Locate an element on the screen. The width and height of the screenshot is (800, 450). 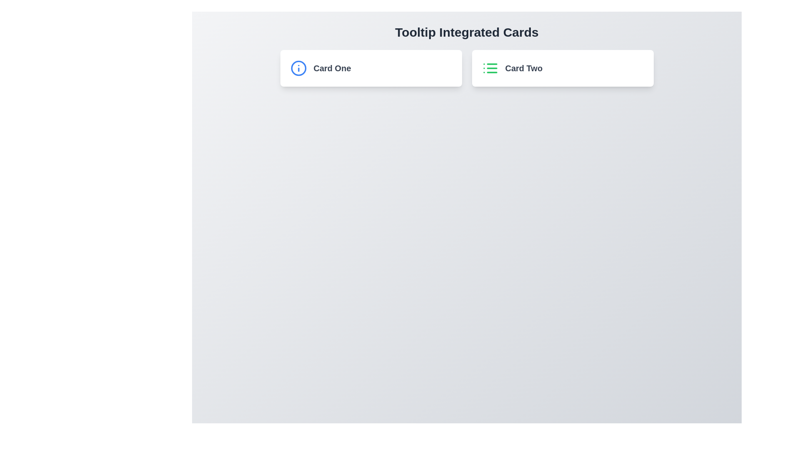
the informational icon located at the top-left corner of 'Card One' is located at coordinates (298, 68).